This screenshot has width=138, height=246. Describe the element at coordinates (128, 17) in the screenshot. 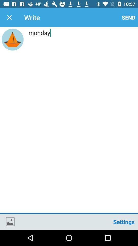

I see `icon at the top right corner` at that location.